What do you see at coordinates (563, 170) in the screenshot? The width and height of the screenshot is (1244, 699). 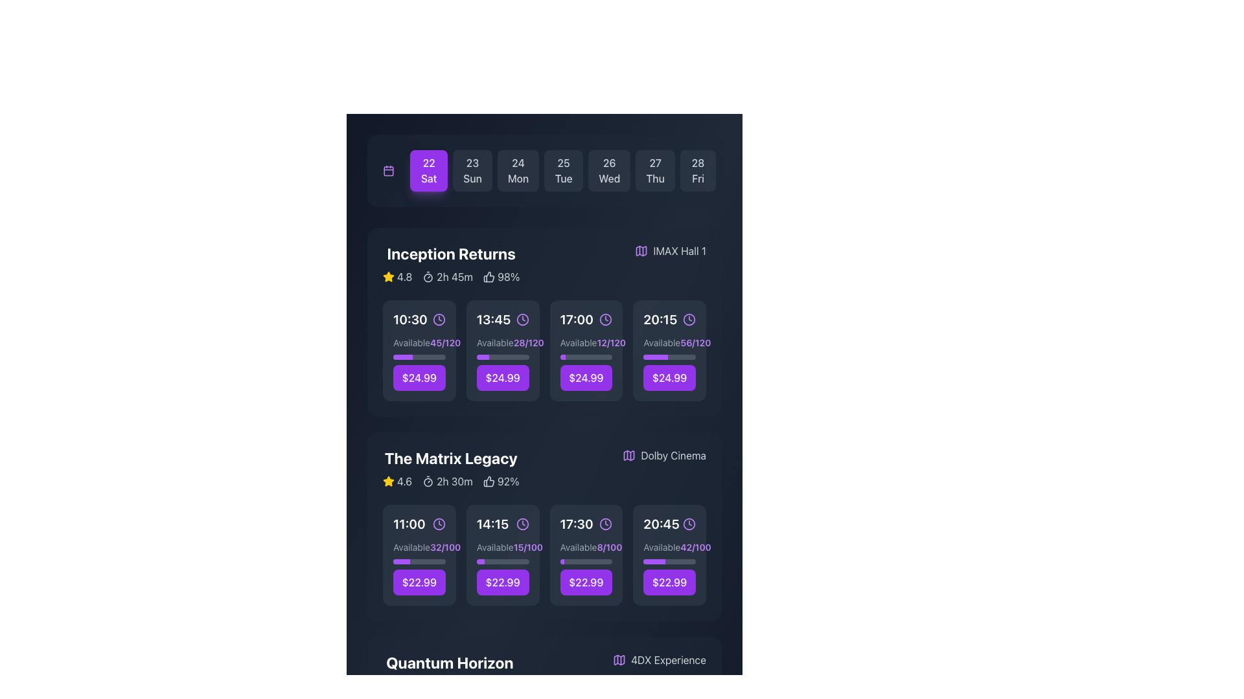 I see `the '25 Tue' date selection button in the calendar interface` at bounding box center [563, 170].